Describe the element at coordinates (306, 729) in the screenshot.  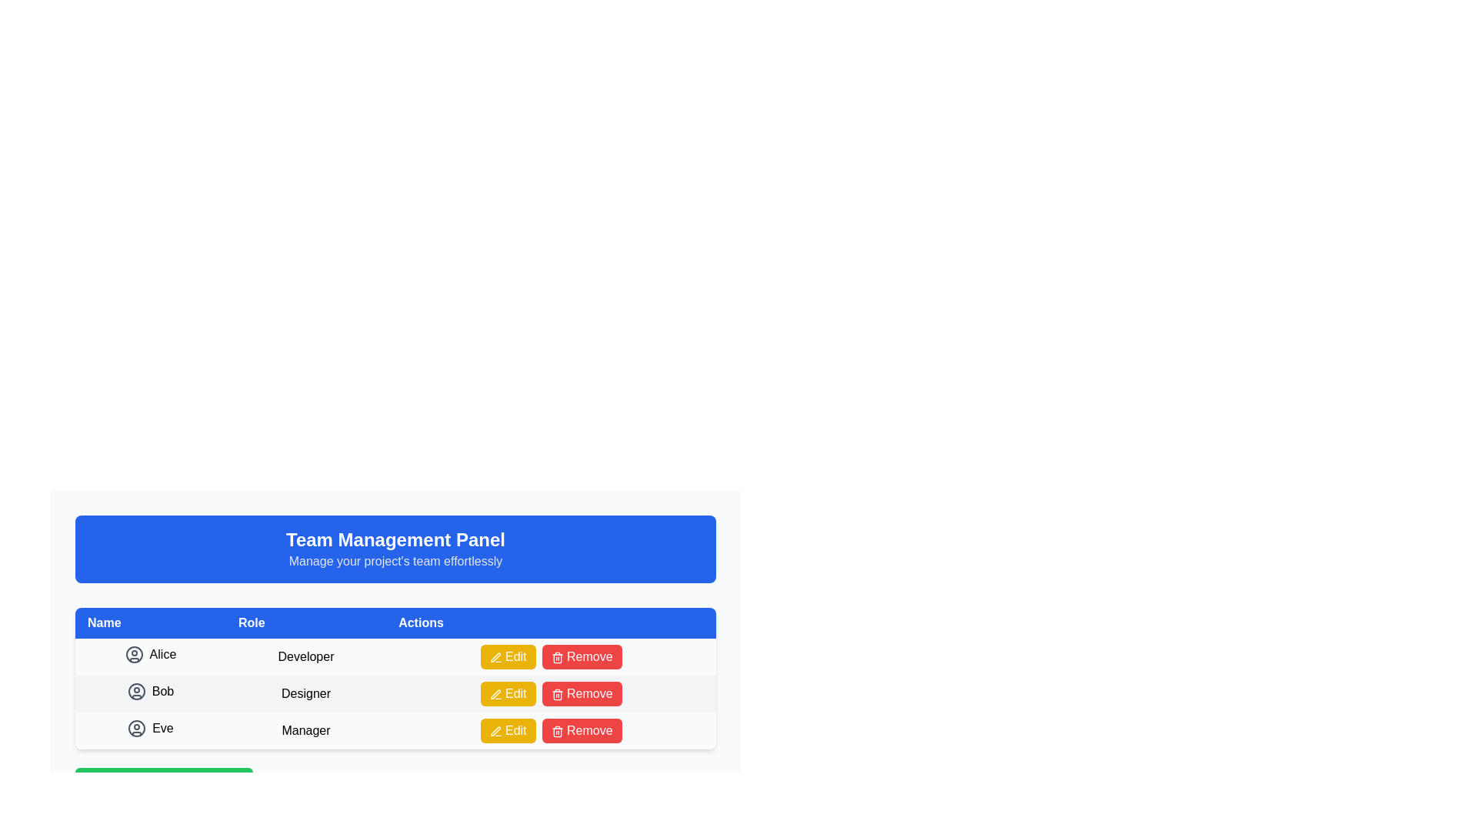
I see `the static textual display element that shows the role of 'Eve' in the second column of the table layout` at that location.